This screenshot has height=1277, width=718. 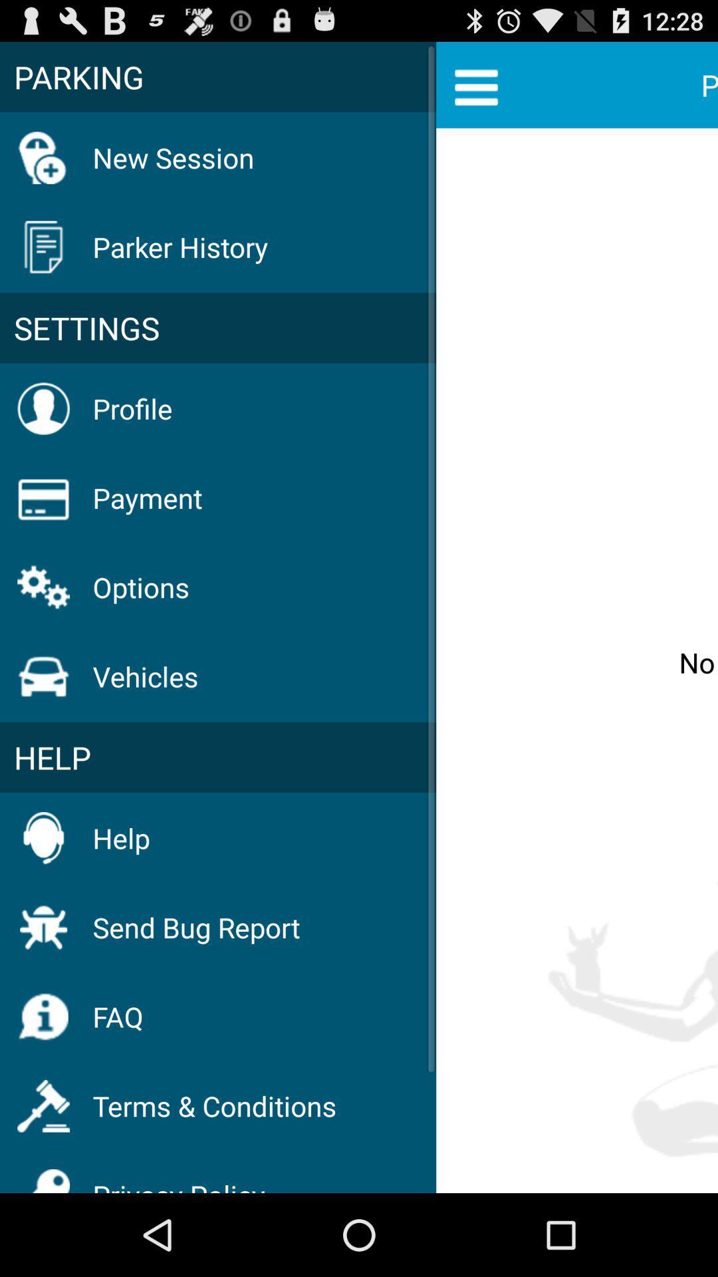 What do you see at coordinates (475, 92) in the screenshot?
I see `the menu icon` at bounding box center [475, 92].